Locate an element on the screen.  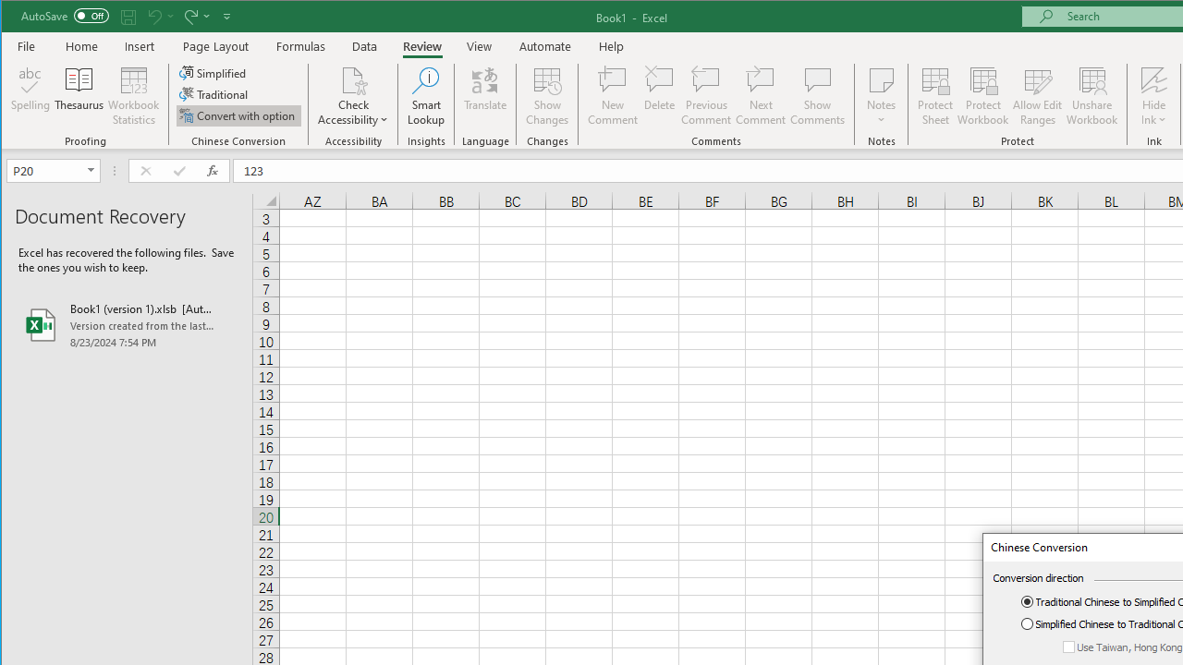
'Unshare Workbook' is located at coordinates (1092, 96).